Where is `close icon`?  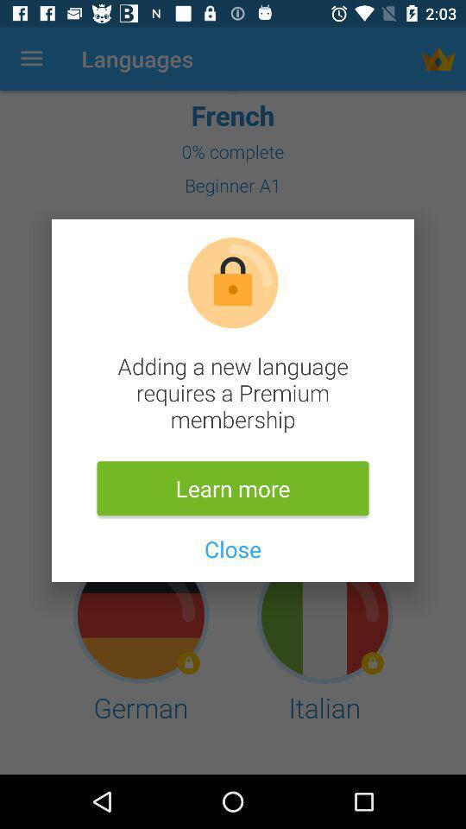 close icon is located at coordinates (233, 547).